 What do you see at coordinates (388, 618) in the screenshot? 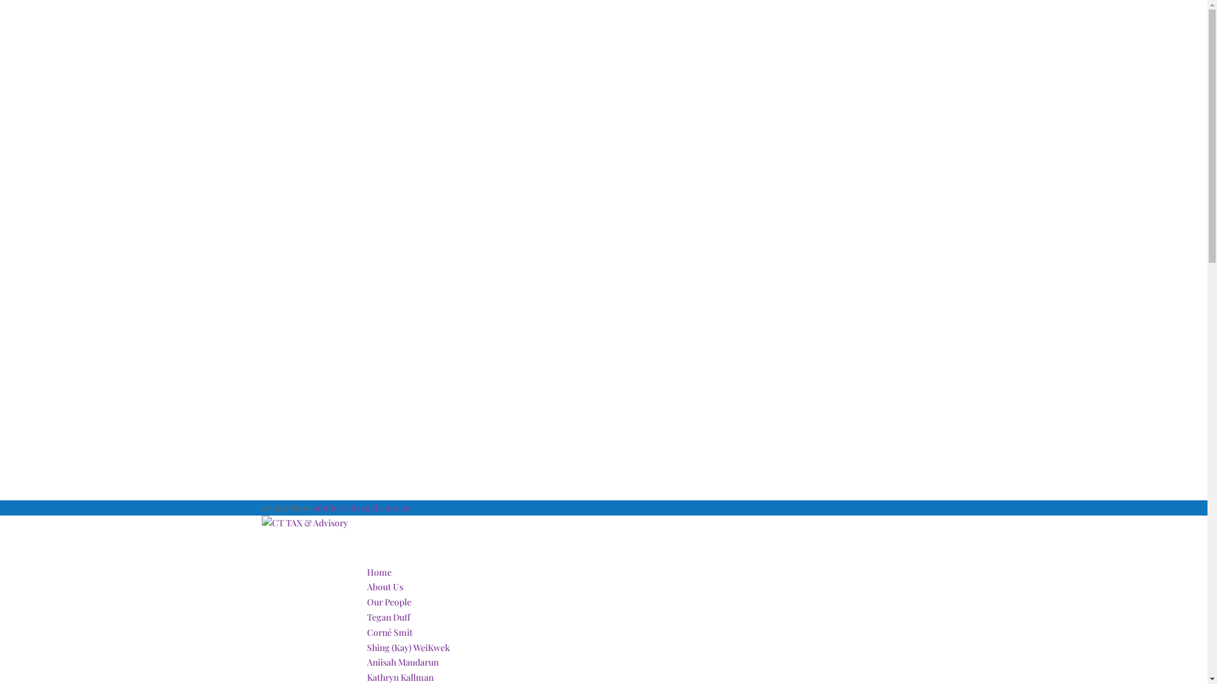
I see `'Our People'` at bounding box center [388, 618].